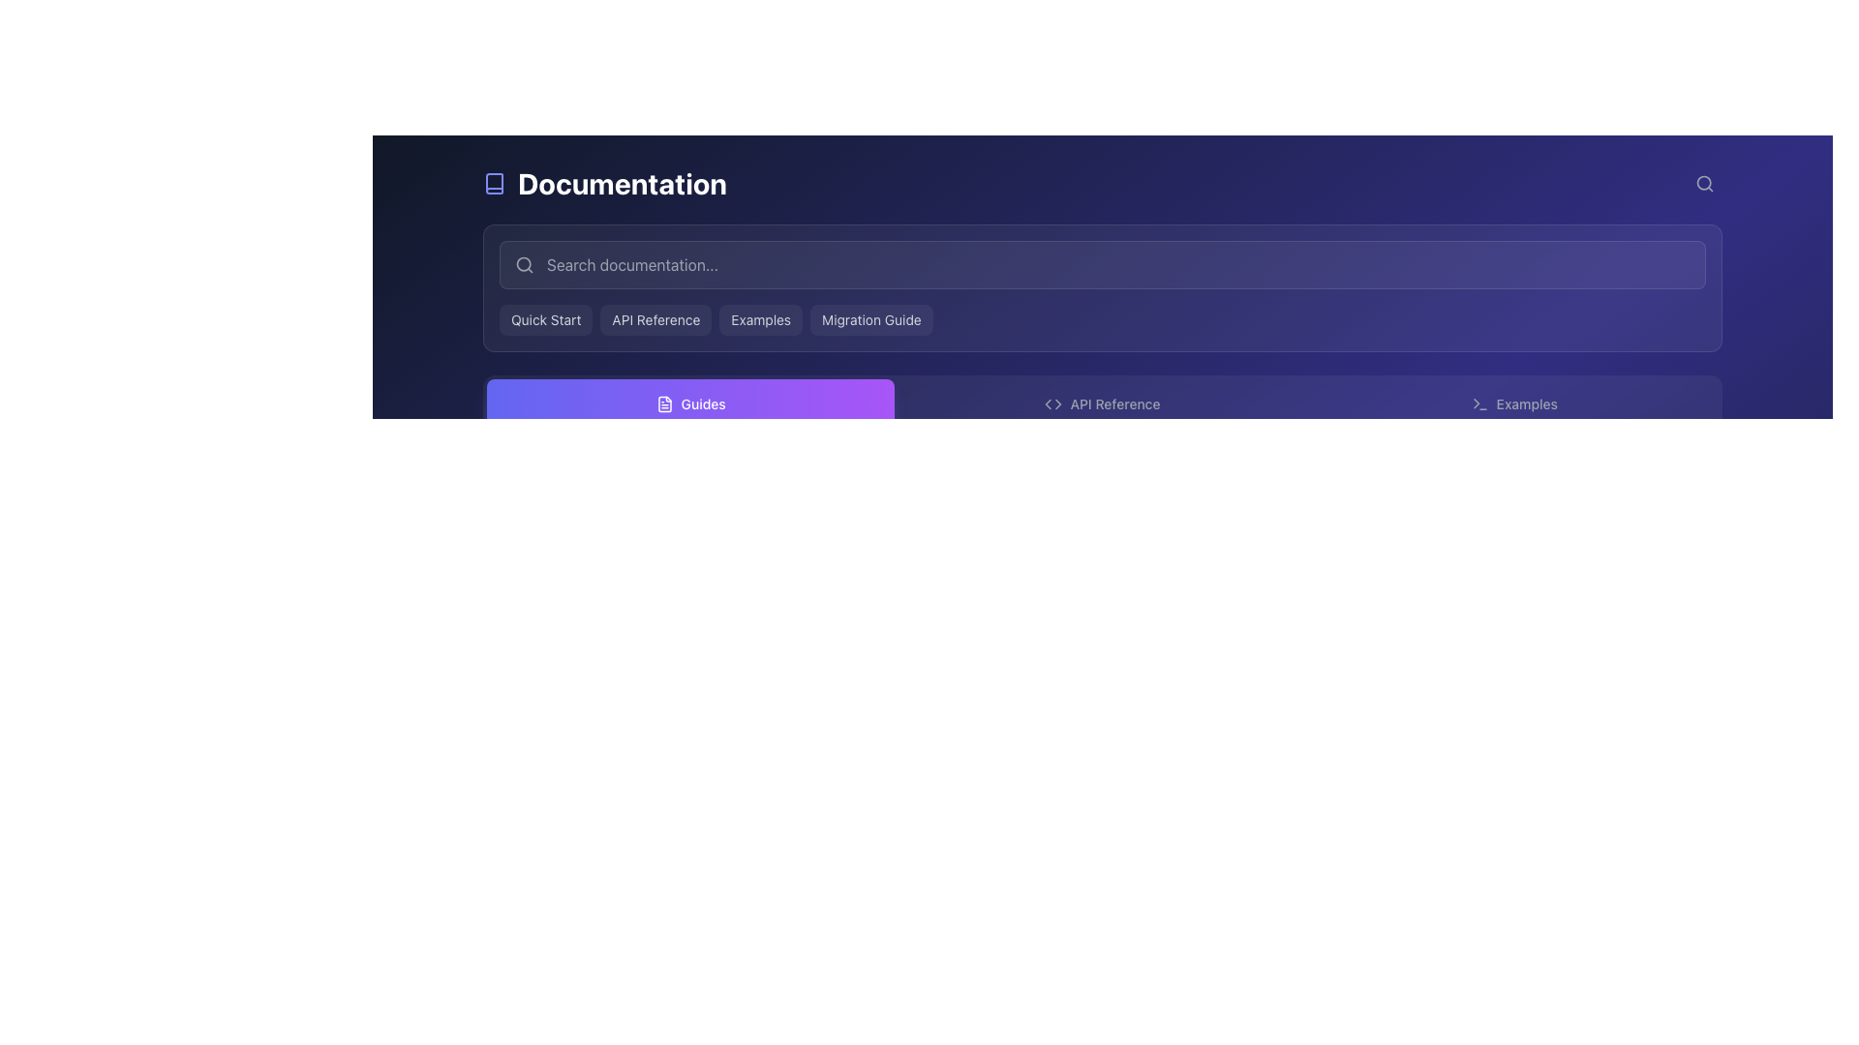  I want to click on the magnifying glass icon located in the top right corner of the interface to initiate a search operation, so click(1705, 183).